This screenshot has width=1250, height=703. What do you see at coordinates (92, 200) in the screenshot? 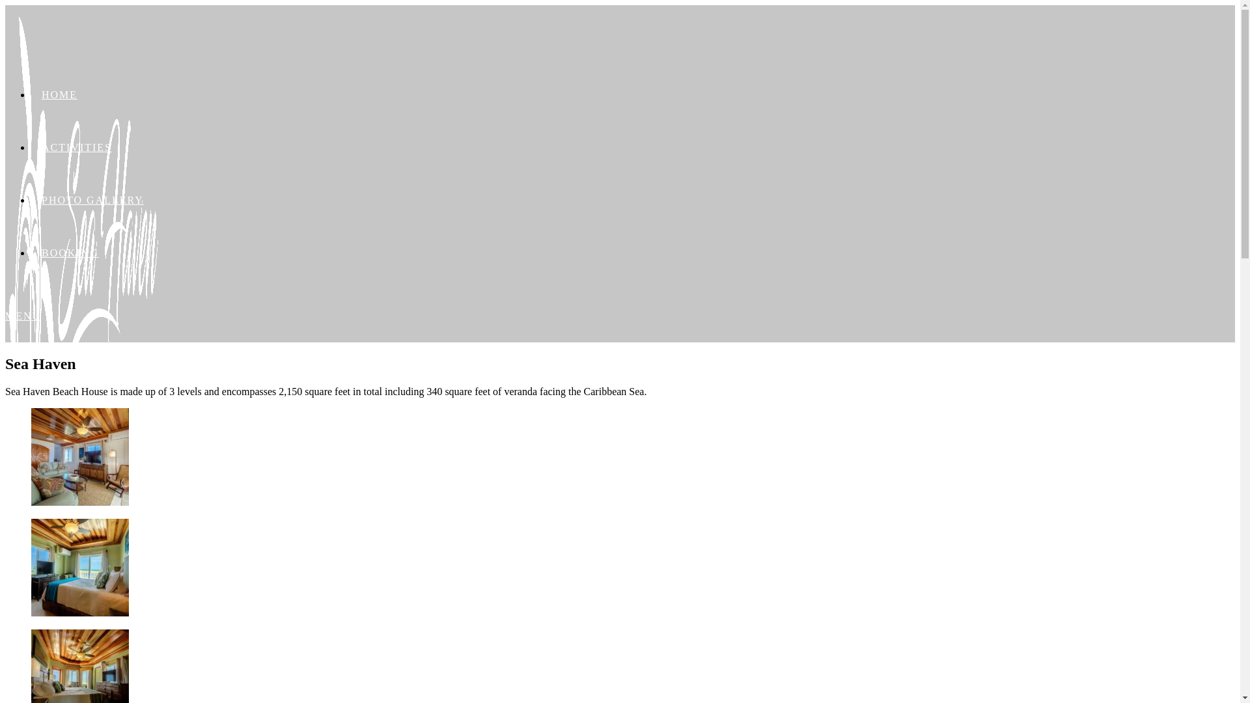
I see `'PHOTO GALLERY'` at bounding box center [92, 200].